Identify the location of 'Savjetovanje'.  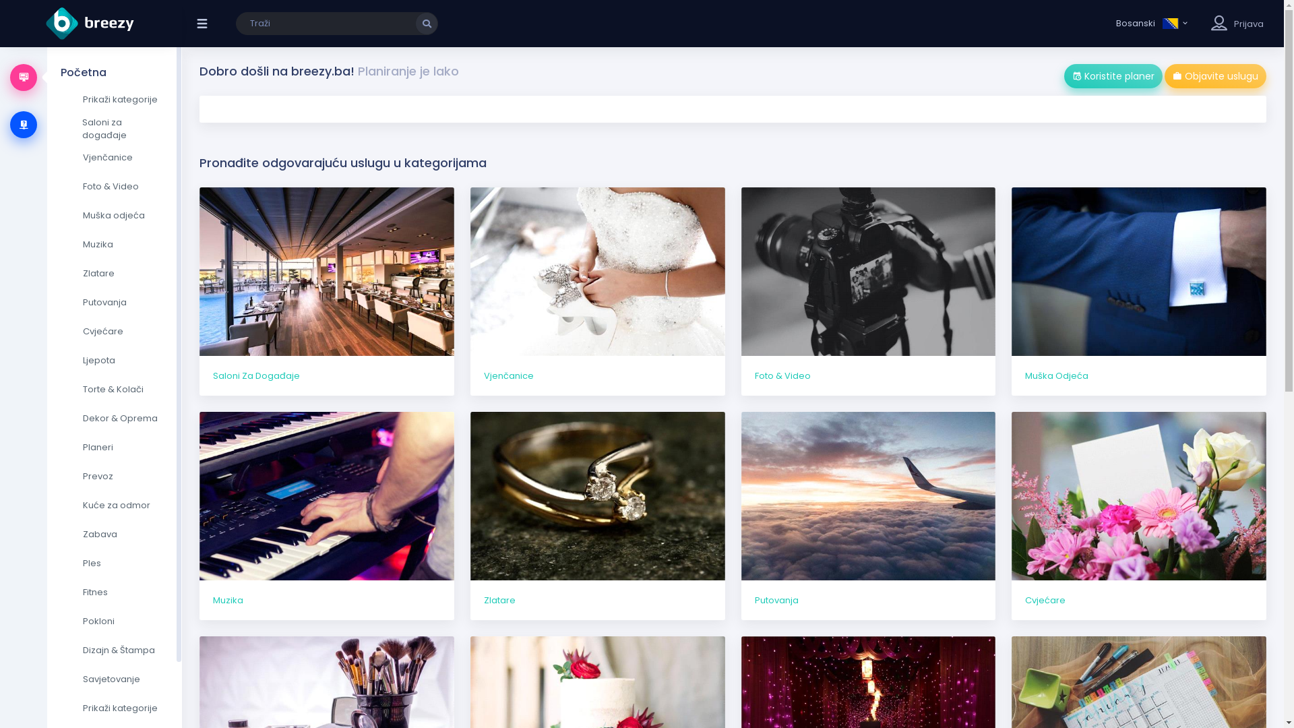
(114, 679).